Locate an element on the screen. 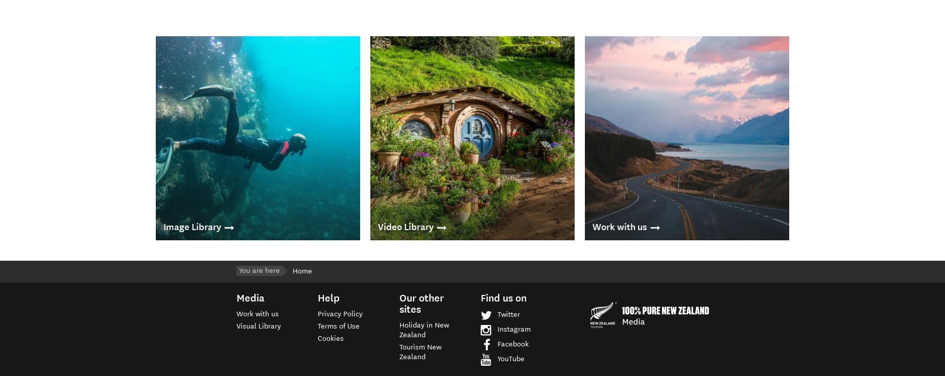  'Find us on' is located at coordinates (480, 297).